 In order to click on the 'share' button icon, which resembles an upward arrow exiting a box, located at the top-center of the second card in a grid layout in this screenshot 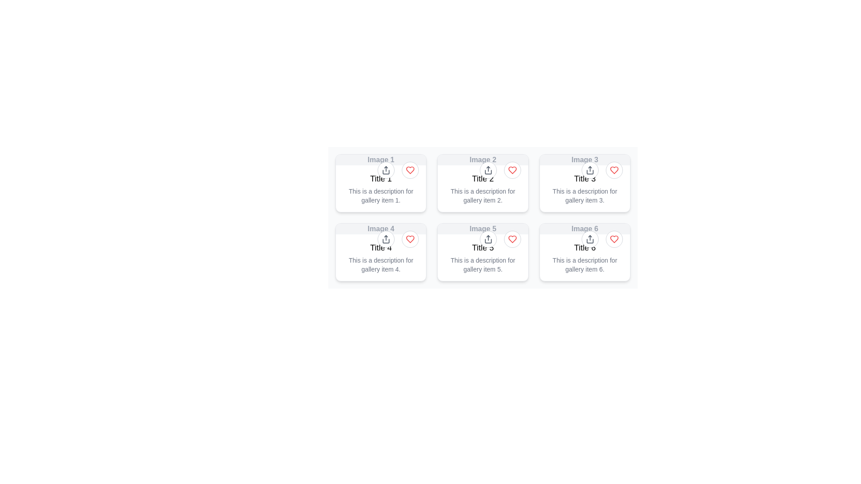, I will do `click(487, 170)`.